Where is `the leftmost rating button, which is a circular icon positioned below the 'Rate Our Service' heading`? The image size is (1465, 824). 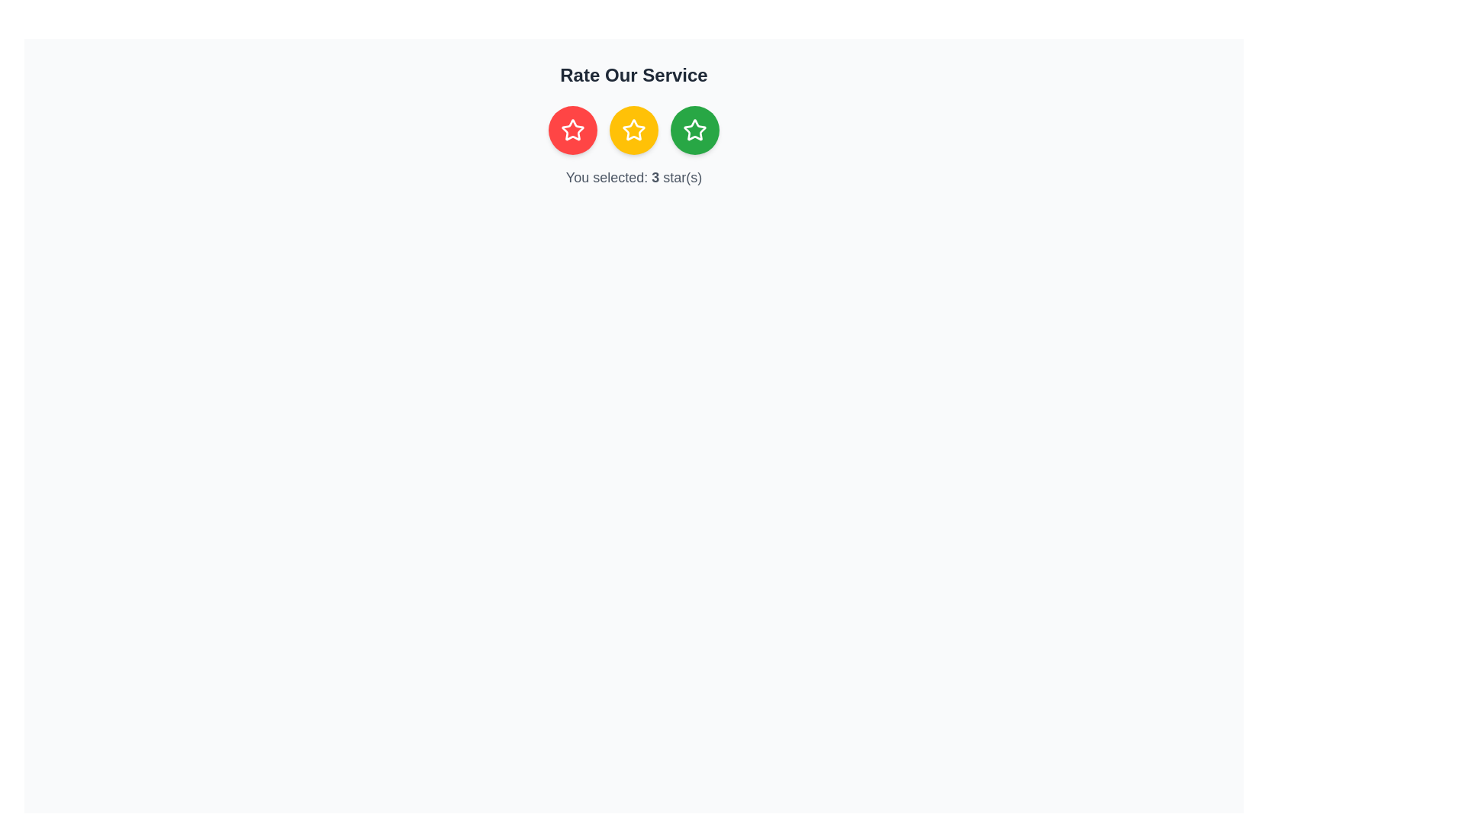 the leftmost rating button, which is a circular icon positioned below the 'Rate Our Service' heading is located at coordinates (572, 129).